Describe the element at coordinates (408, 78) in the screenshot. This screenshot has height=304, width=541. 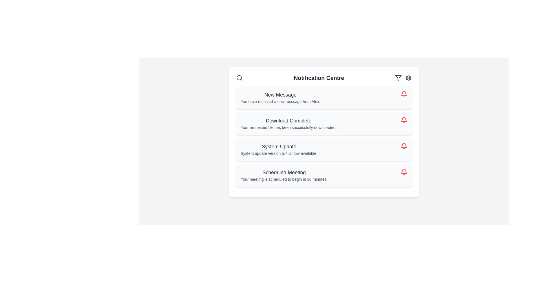
I see `the gear-shaped icon in the top-right section of the notification panel, which signifies settings` at that location.